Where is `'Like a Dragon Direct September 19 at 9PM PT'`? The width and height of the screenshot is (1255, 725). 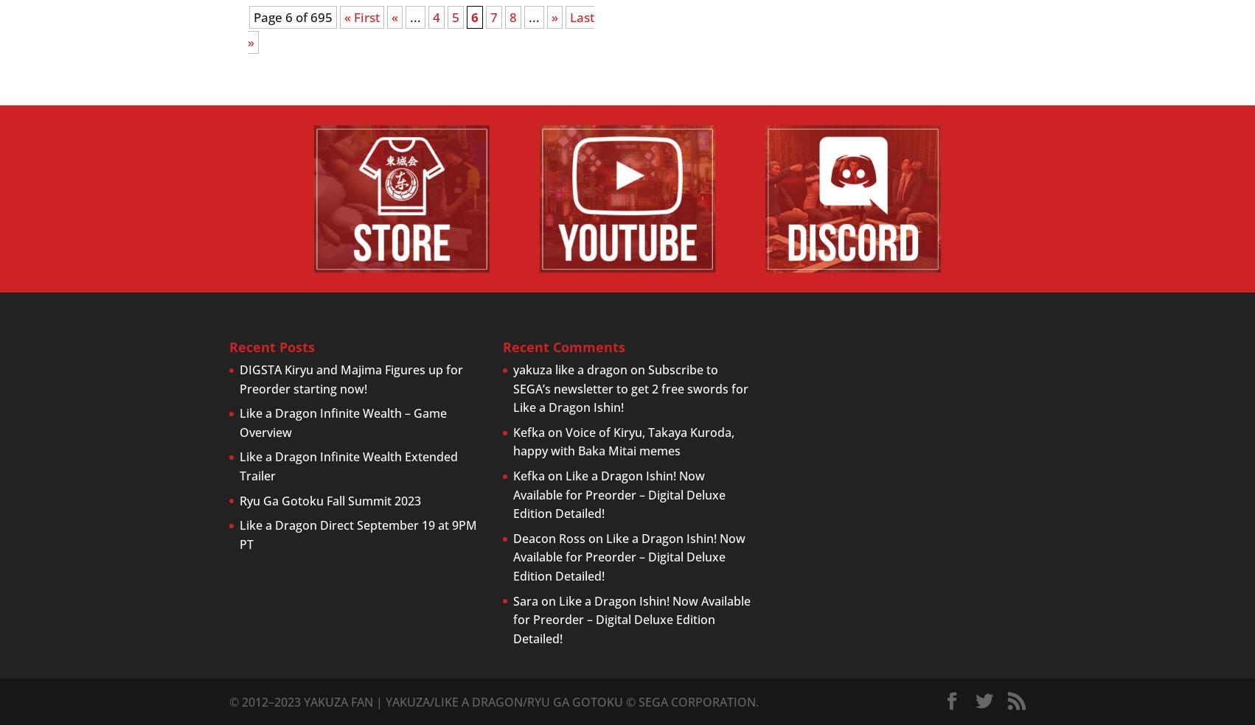 'Like a Dragon Direct September 19 at 9PM PT' is located at coordinates (357, 534).